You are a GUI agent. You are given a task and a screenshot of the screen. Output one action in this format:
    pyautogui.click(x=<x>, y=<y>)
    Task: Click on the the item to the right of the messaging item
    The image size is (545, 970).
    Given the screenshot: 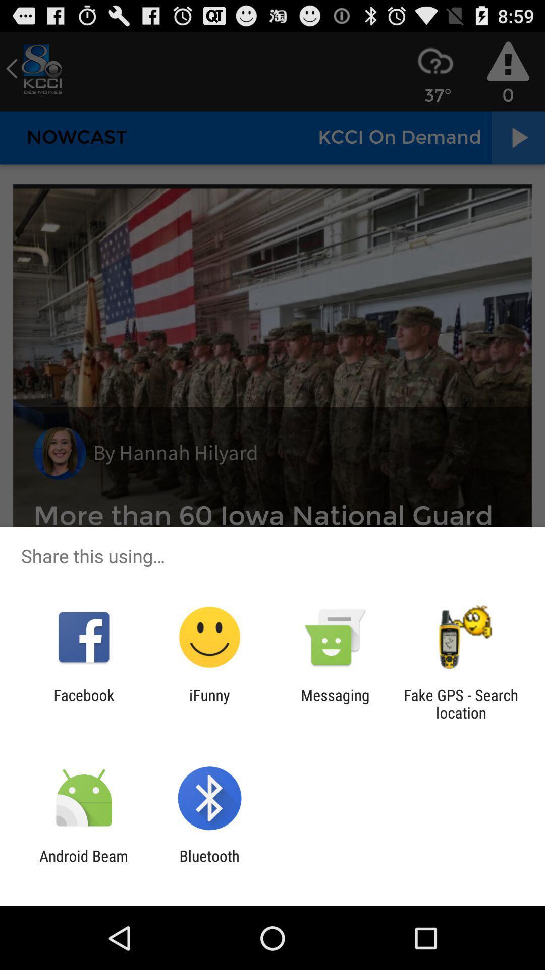 What is the action you would take?
    pyautogui.click(x=461, y=703)
    